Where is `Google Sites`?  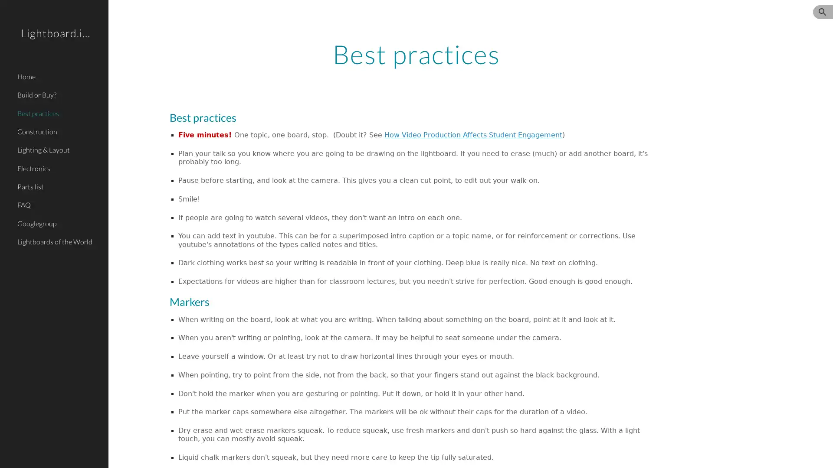 Google Sites is located at coordinates (176, 452).